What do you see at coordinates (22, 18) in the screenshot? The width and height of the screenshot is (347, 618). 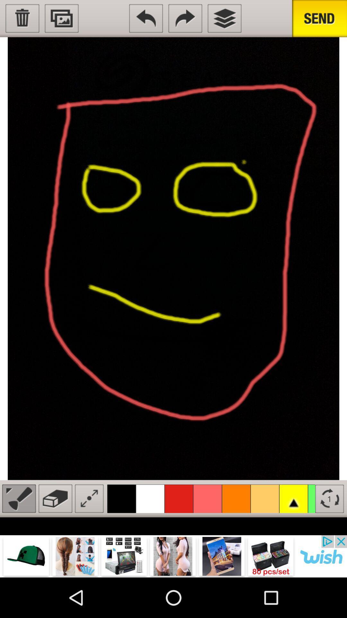 I see `delete the picture` at bounding box center [22, 18].